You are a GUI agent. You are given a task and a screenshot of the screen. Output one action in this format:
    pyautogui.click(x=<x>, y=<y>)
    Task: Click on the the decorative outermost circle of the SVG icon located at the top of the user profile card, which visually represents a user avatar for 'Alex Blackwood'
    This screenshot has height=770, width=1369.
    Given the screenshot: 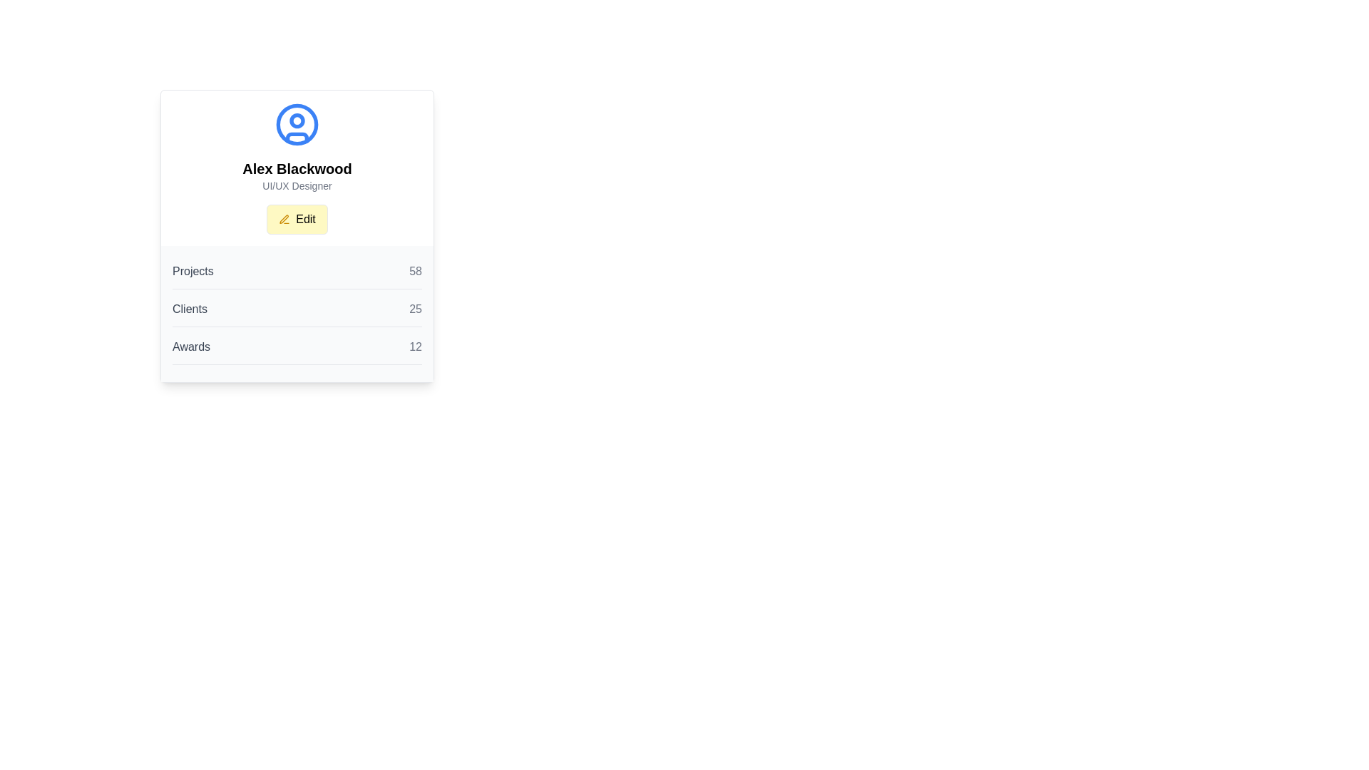 What is the action you would take?
    pyautogui.click(x=297, y=123)
    